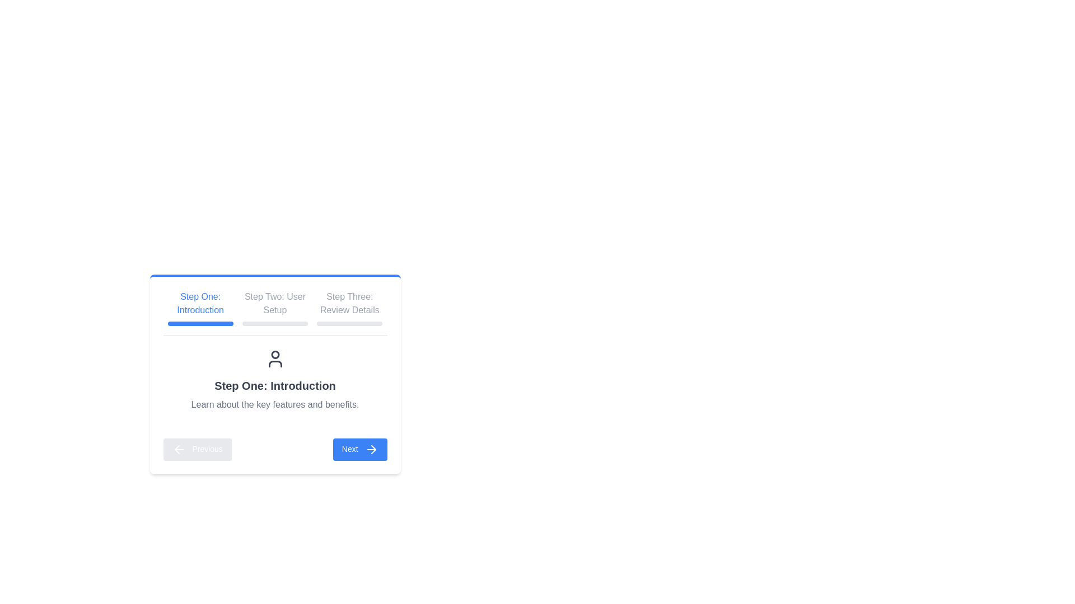 The height and width of the screenshot is (604, 1075). What do you see at coordinates (349, 304) in the screenshot?
I see `the third step label in the horizontal progression indicator, which serves as a visual guide for users in a multi-step process` at bounding box center [349, 304].